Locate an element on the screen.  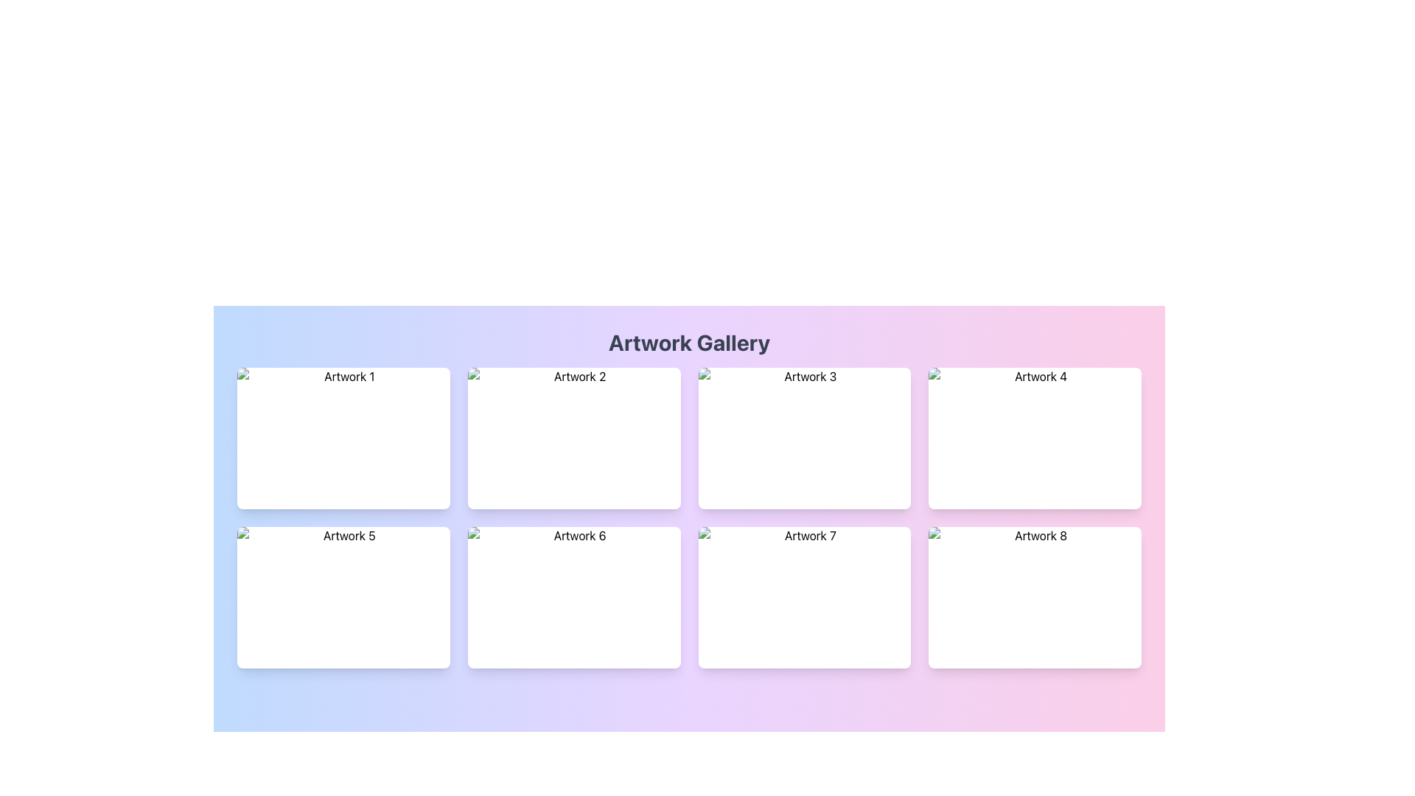
the Visual Card element labeled 'Artwork 8' located in the second row and fourth column of the grid layout is located at coordinates (1034, 597).